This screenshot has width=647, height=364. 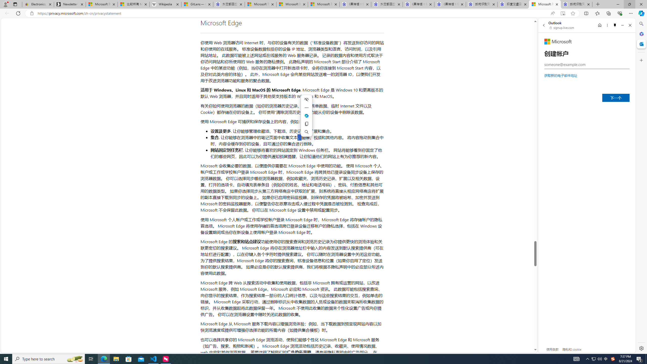 I want to click on 'Mini menu on text selection', so click(x=306, y=118).